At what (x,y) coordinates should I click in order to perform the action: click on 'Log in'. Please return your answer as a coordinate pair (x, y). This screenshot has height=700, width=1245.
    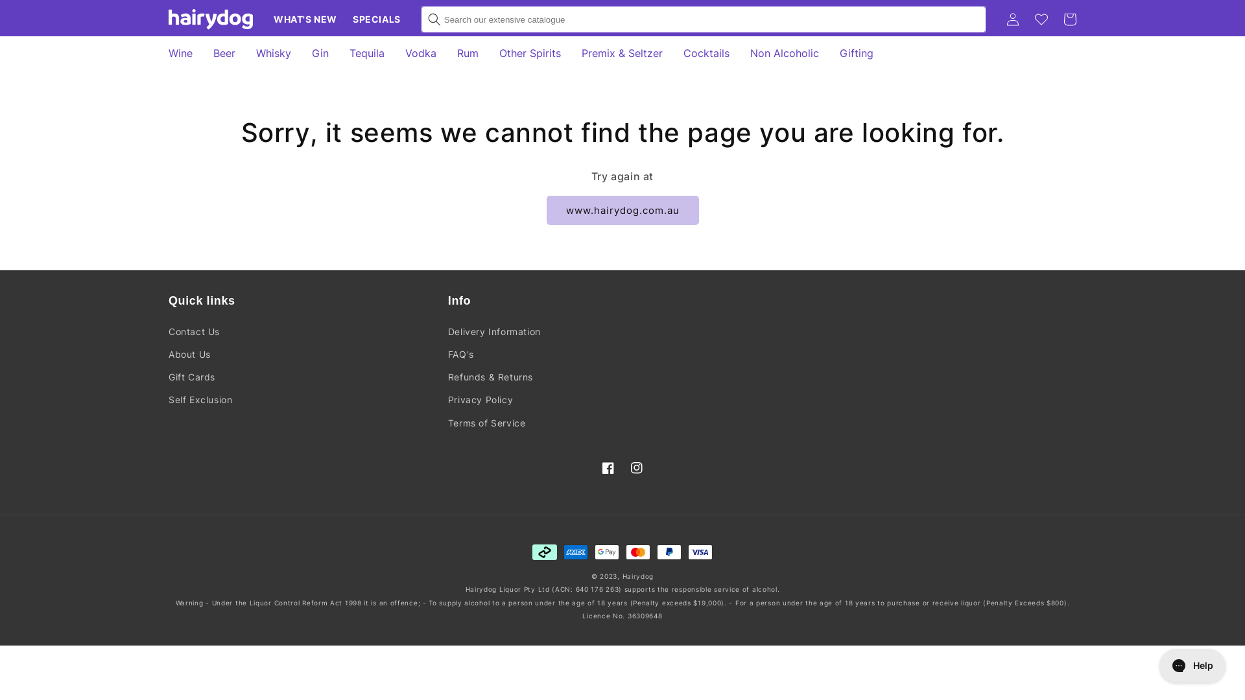
    Looking at the image, I should click on (1012, 19).